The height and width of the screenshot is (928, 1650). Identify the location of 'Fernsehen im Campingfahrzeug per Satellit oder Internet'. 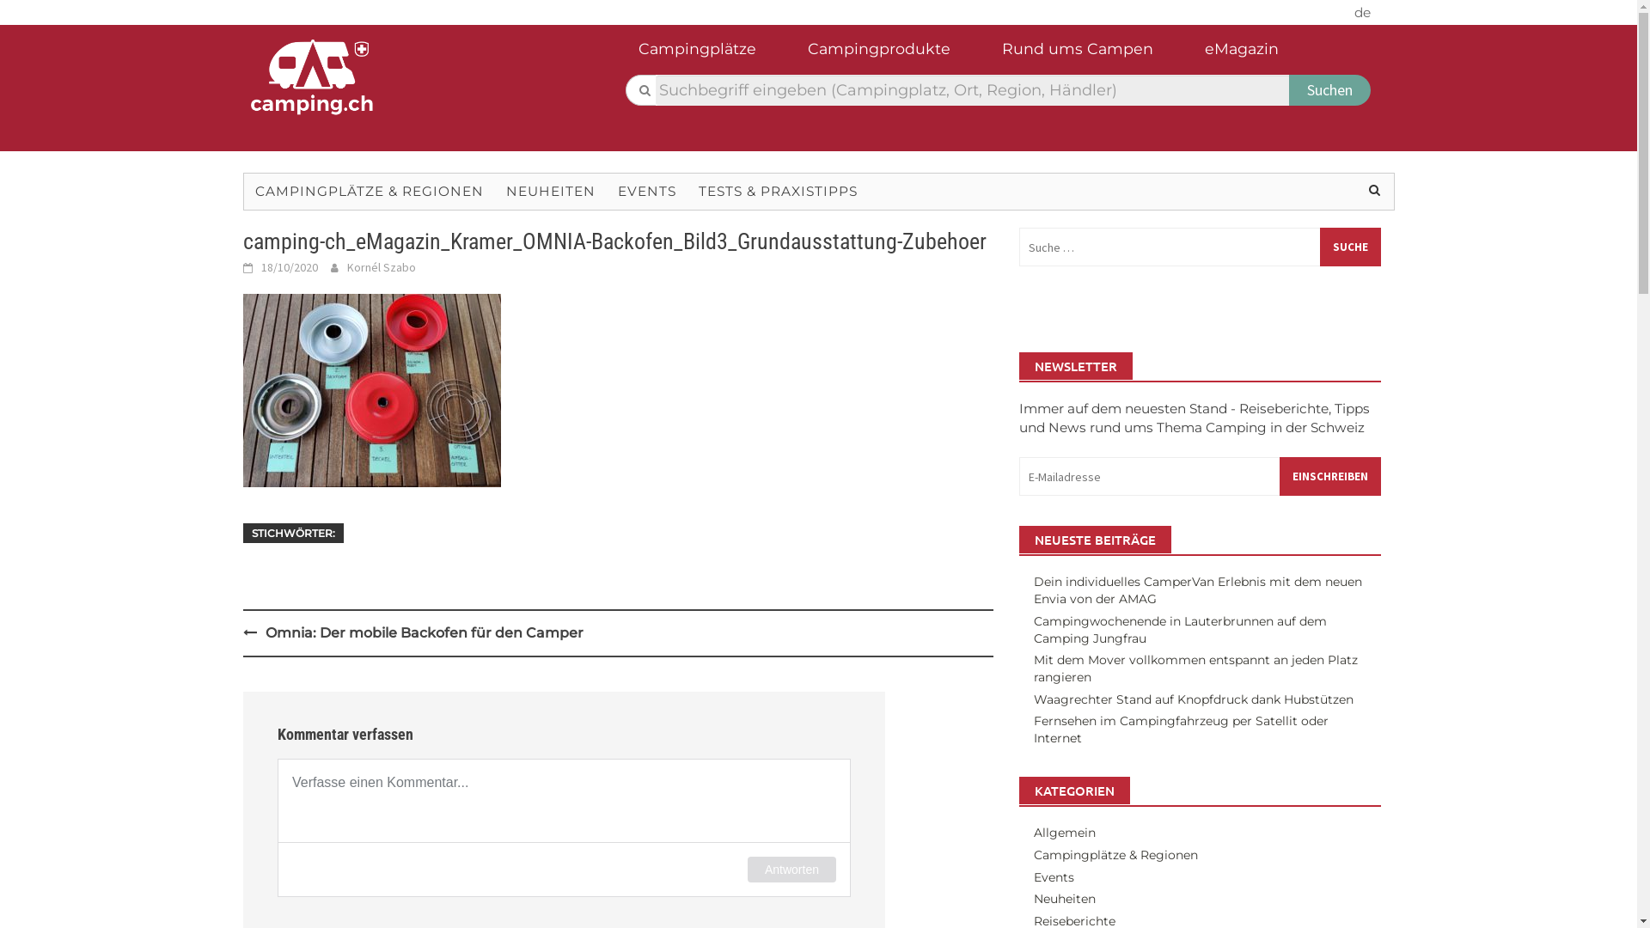
(1180, 729).